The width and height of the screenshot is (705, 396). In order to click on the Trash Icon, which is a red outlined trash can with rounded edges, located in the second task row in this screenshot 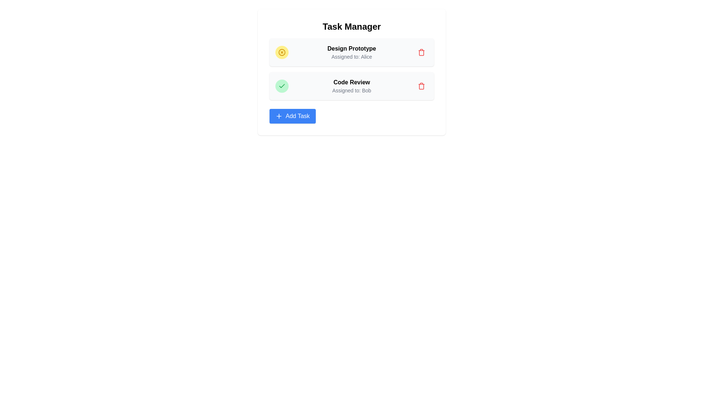, I will do `click(421, 52)`.